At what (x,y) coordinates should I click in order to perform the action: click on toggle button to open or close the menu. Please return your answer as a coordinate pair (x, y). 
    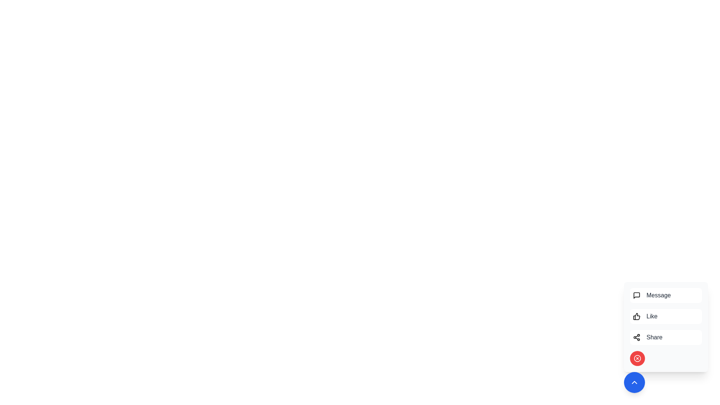
    Looking at the image, I should click on (634, 382).